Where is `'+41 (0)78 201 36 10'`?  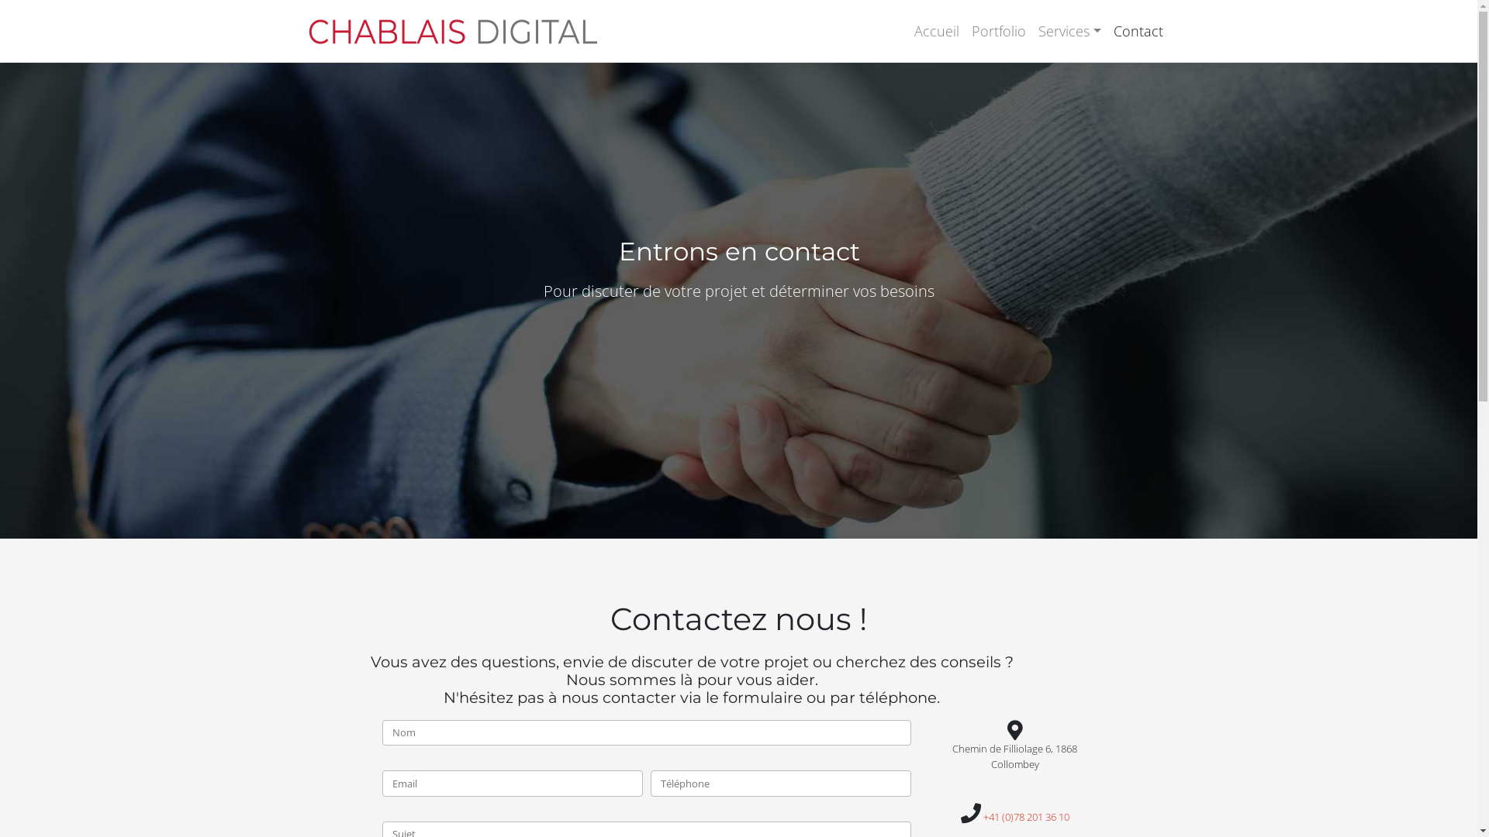 '+41 (0)78 201 36 10' is located at coordinates (982, 815).